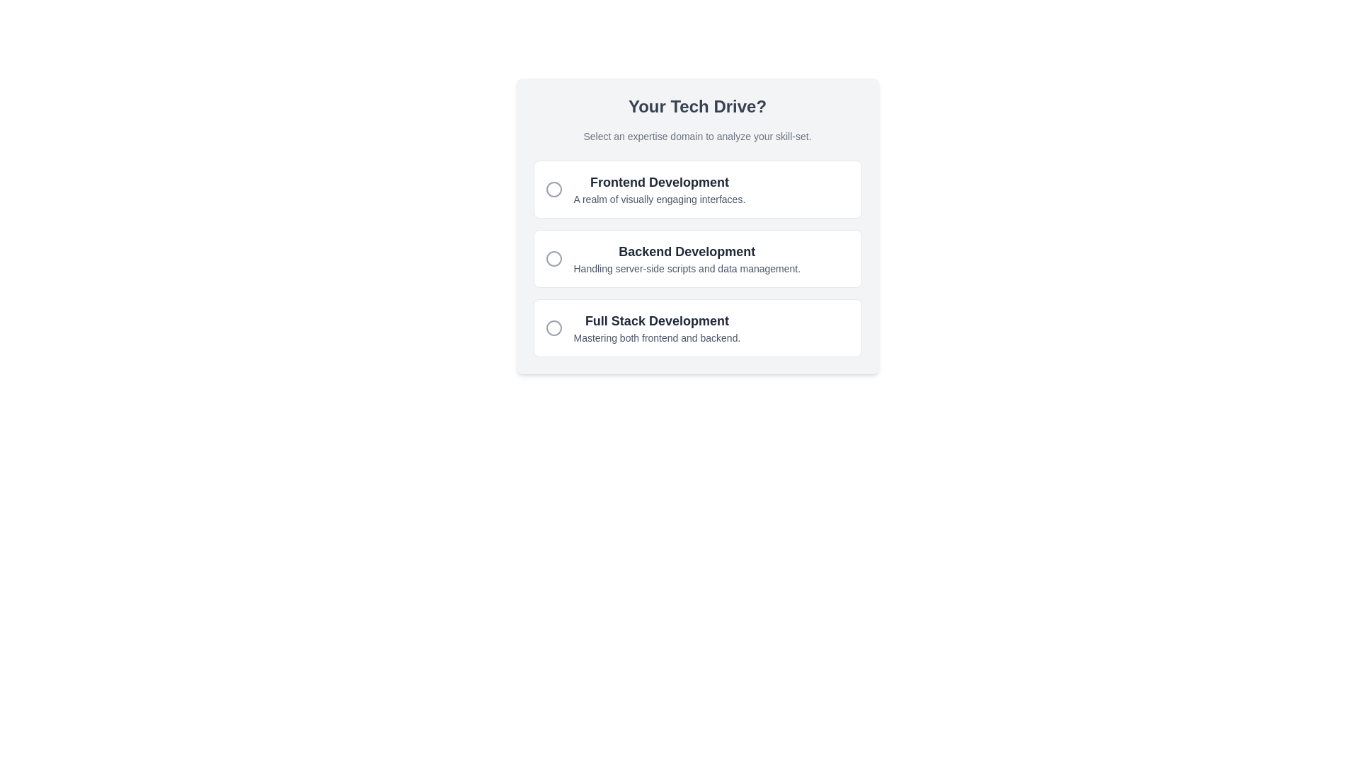 This screenshot has height=764, width=1359. I want to click on the radio button associated with the 'Frontend Development' option by clicking on the text block that represents it, which is located to the right of the circular radio button in the first card of the 'Your Tech Drive?' section, so click(658, 188).